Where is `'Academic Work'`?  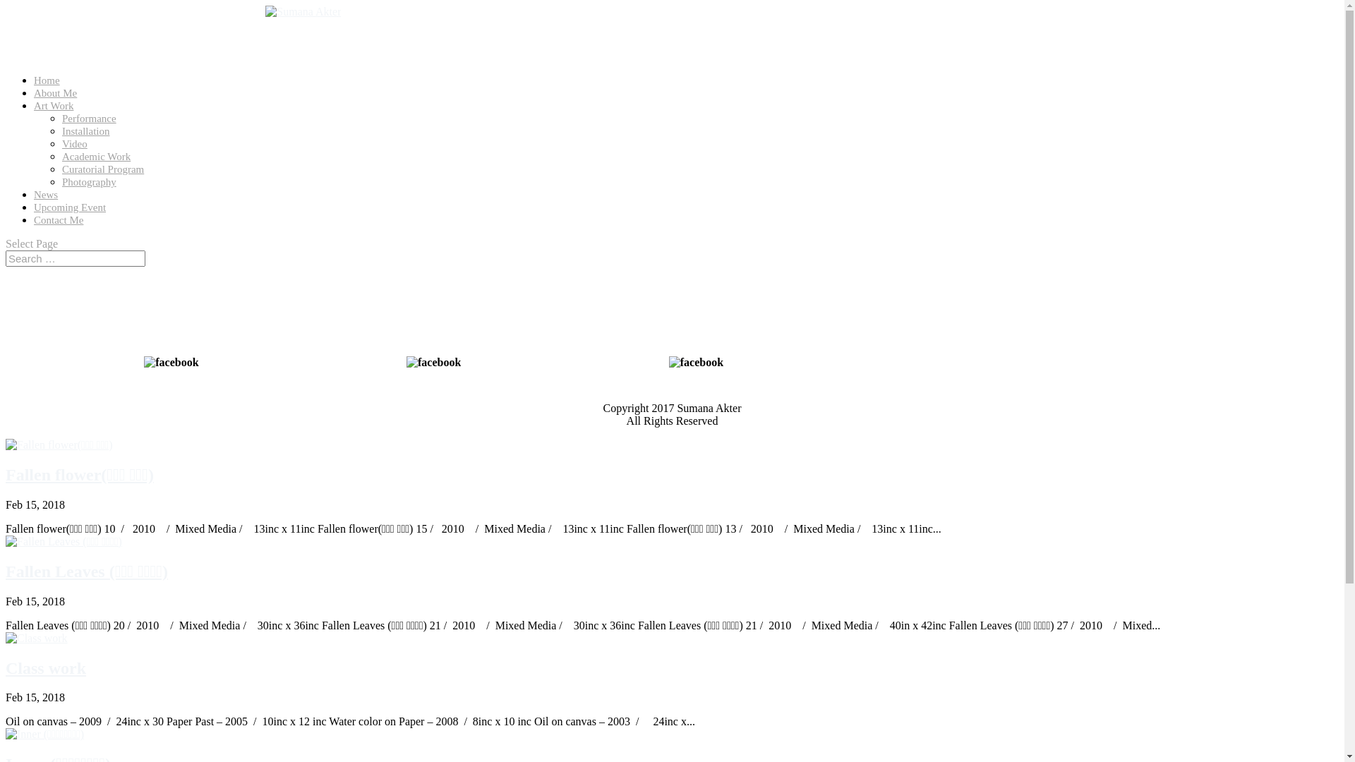
'Academic Work' is located at coordinates (95, 157).